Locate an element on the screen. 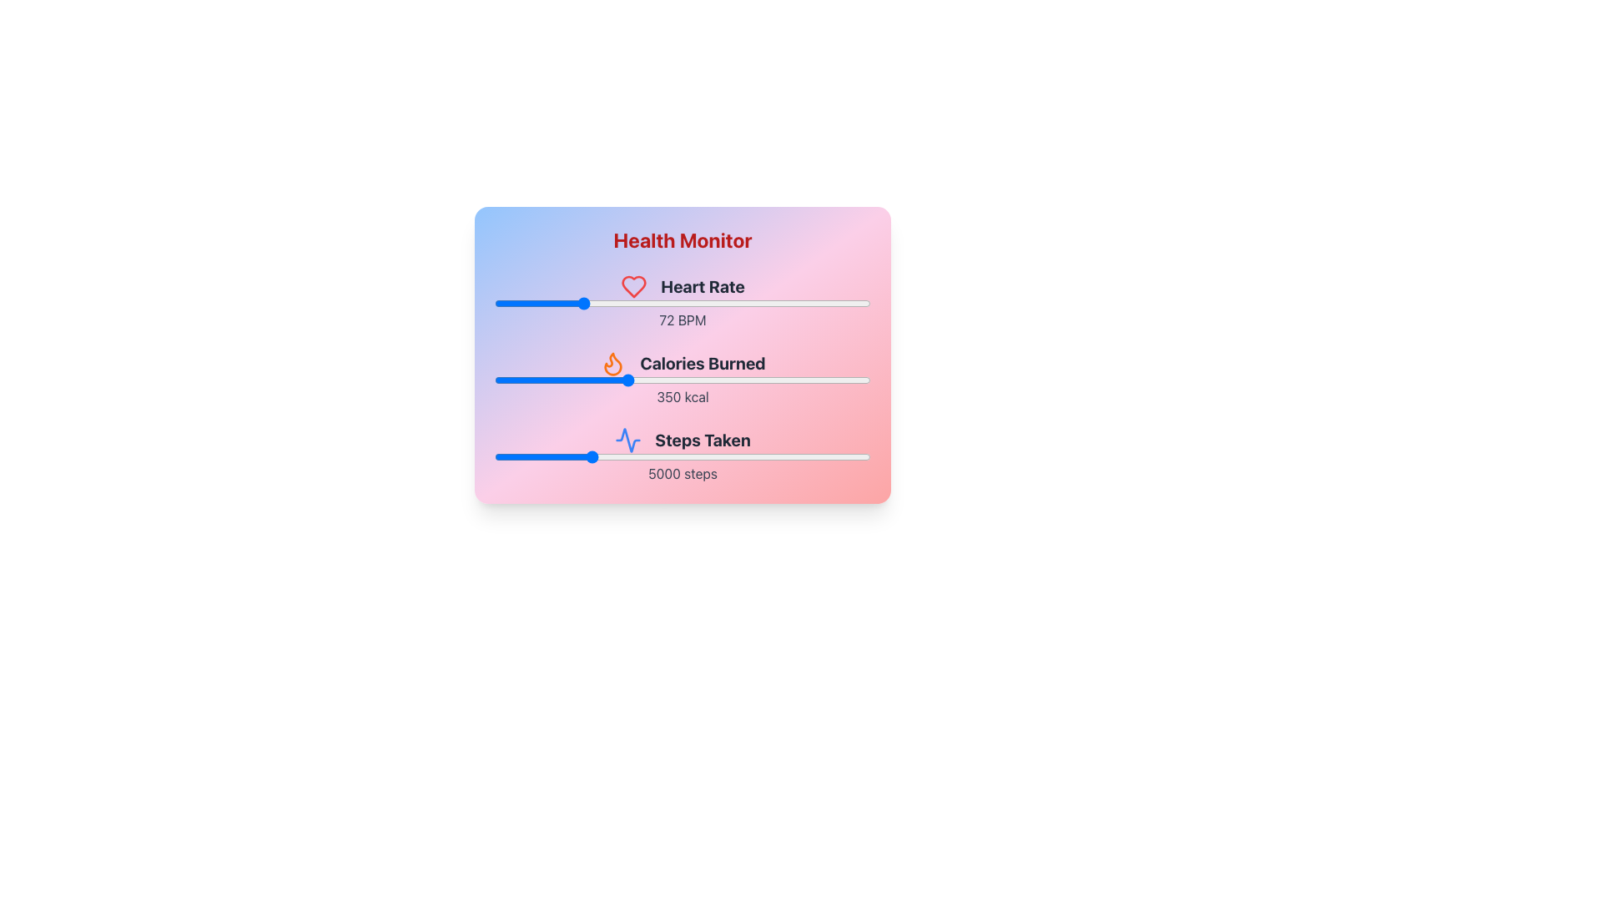 This screenshot has height=901, width=1602. calories burned is located at coordinates (601, 380).